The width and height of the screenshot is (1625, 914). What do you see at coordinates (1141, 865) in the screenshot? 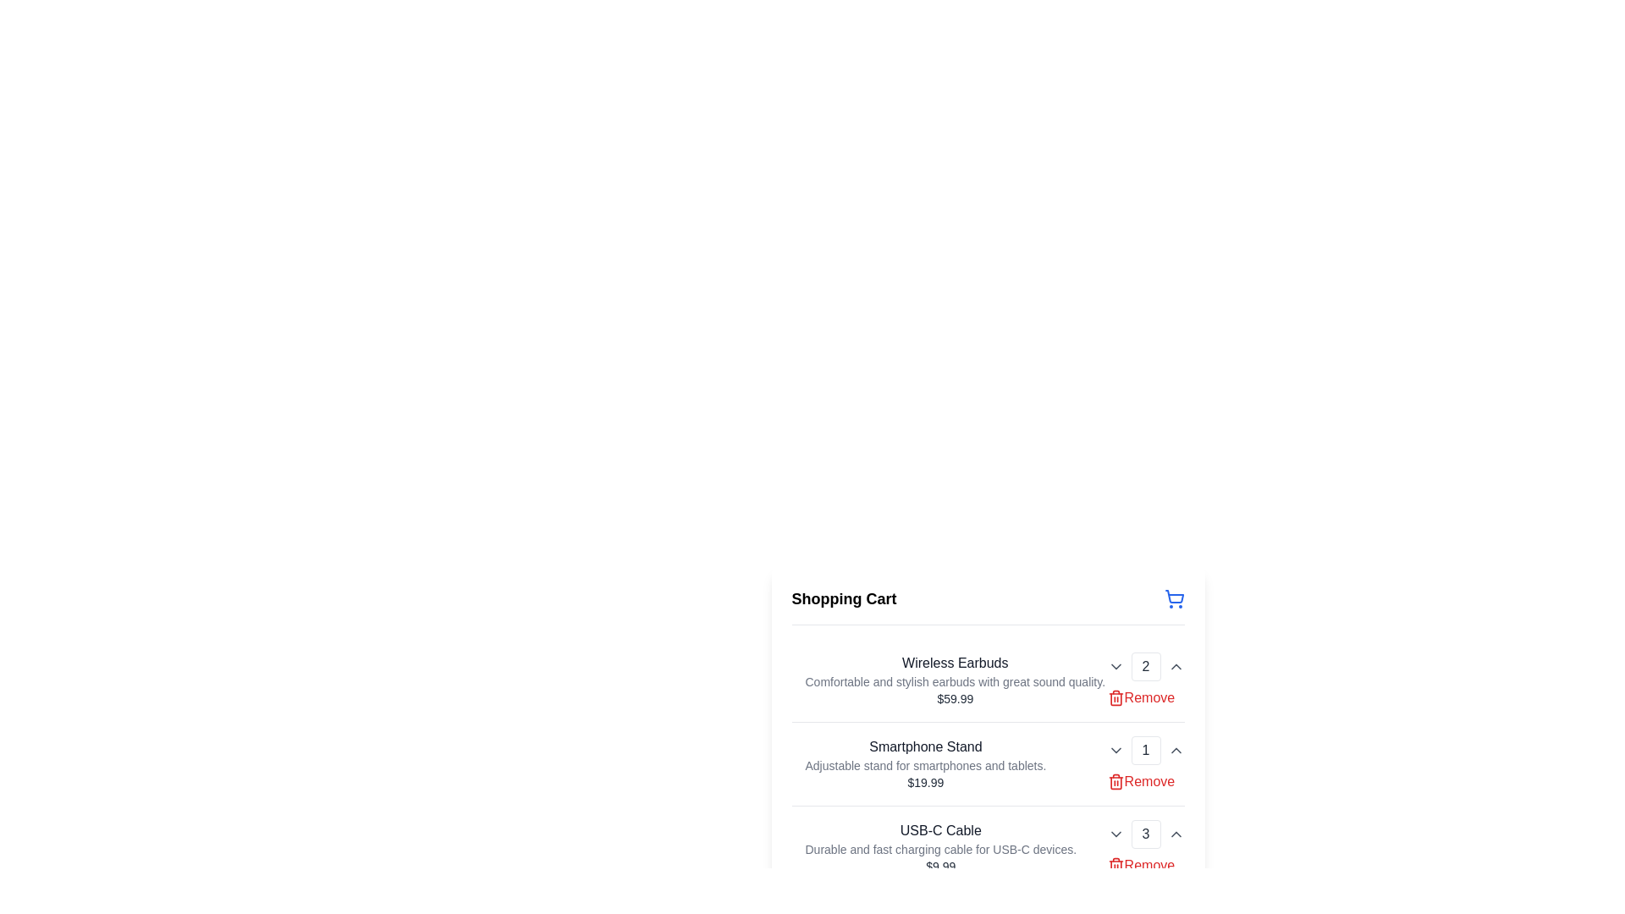
I see `the 'Remove' button, which is styled in red and includes a trash bin icon, located at the bottom-right corner of the product row for 'USB-C Cable'` at bounding box center [1141, 865].